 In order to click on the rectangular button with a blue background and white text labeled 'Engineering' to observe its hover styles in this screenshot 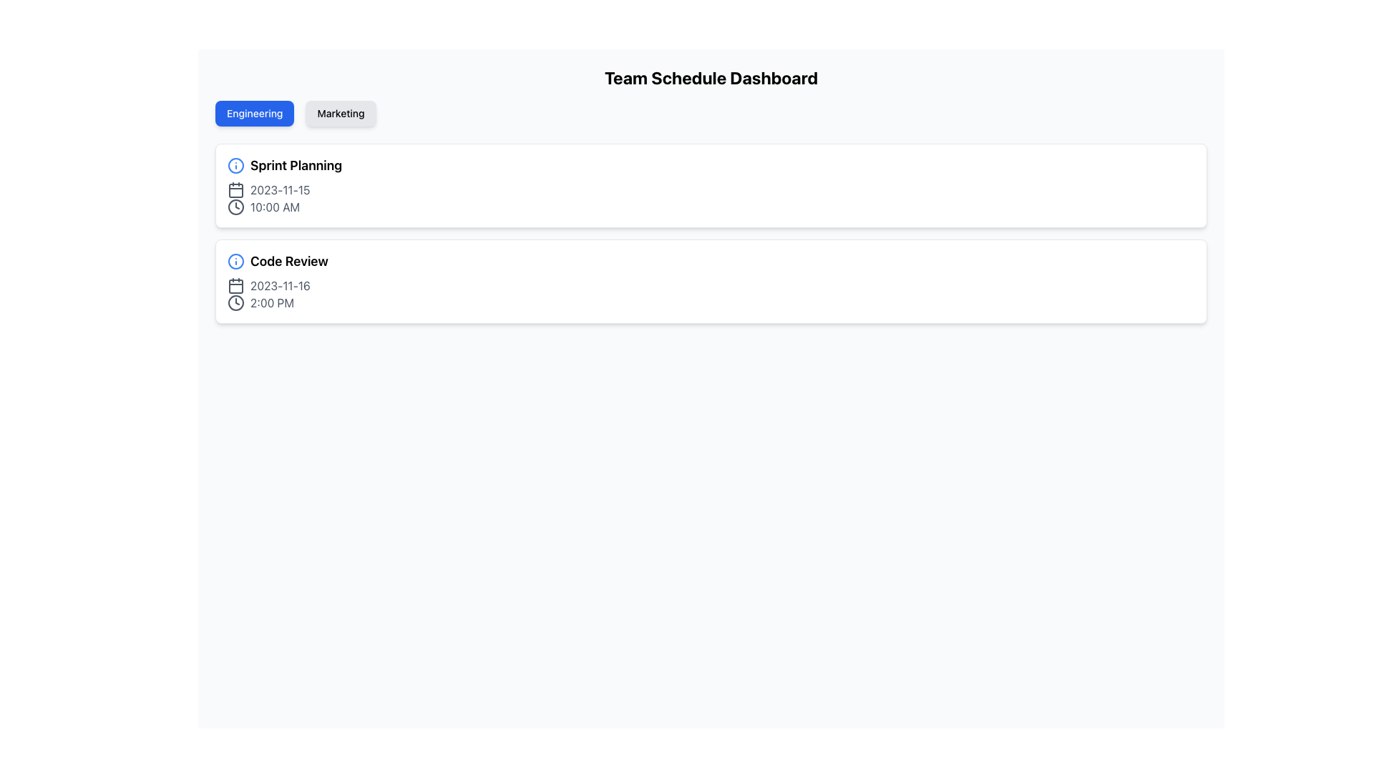, I will do `click(255, 112)`.